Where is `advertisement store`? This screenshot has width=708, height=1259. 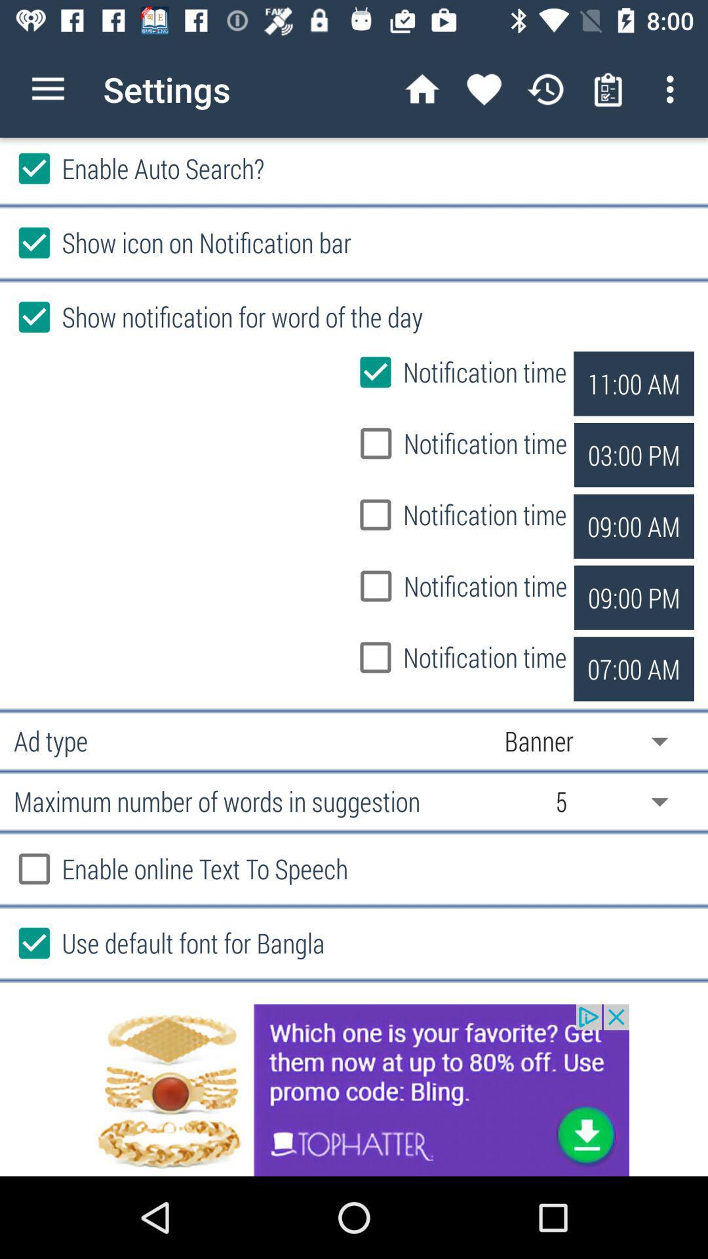 advertisement store is located at coordinates (354, 1090).